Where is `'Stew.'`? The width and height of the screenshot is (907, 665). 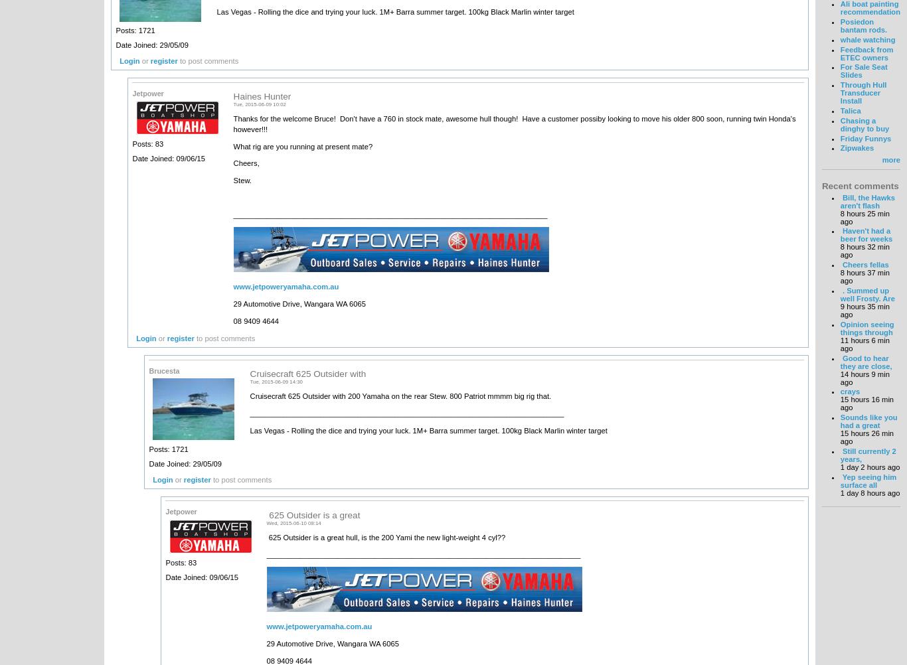
'Stew.' is located at coordinates (241, 180).